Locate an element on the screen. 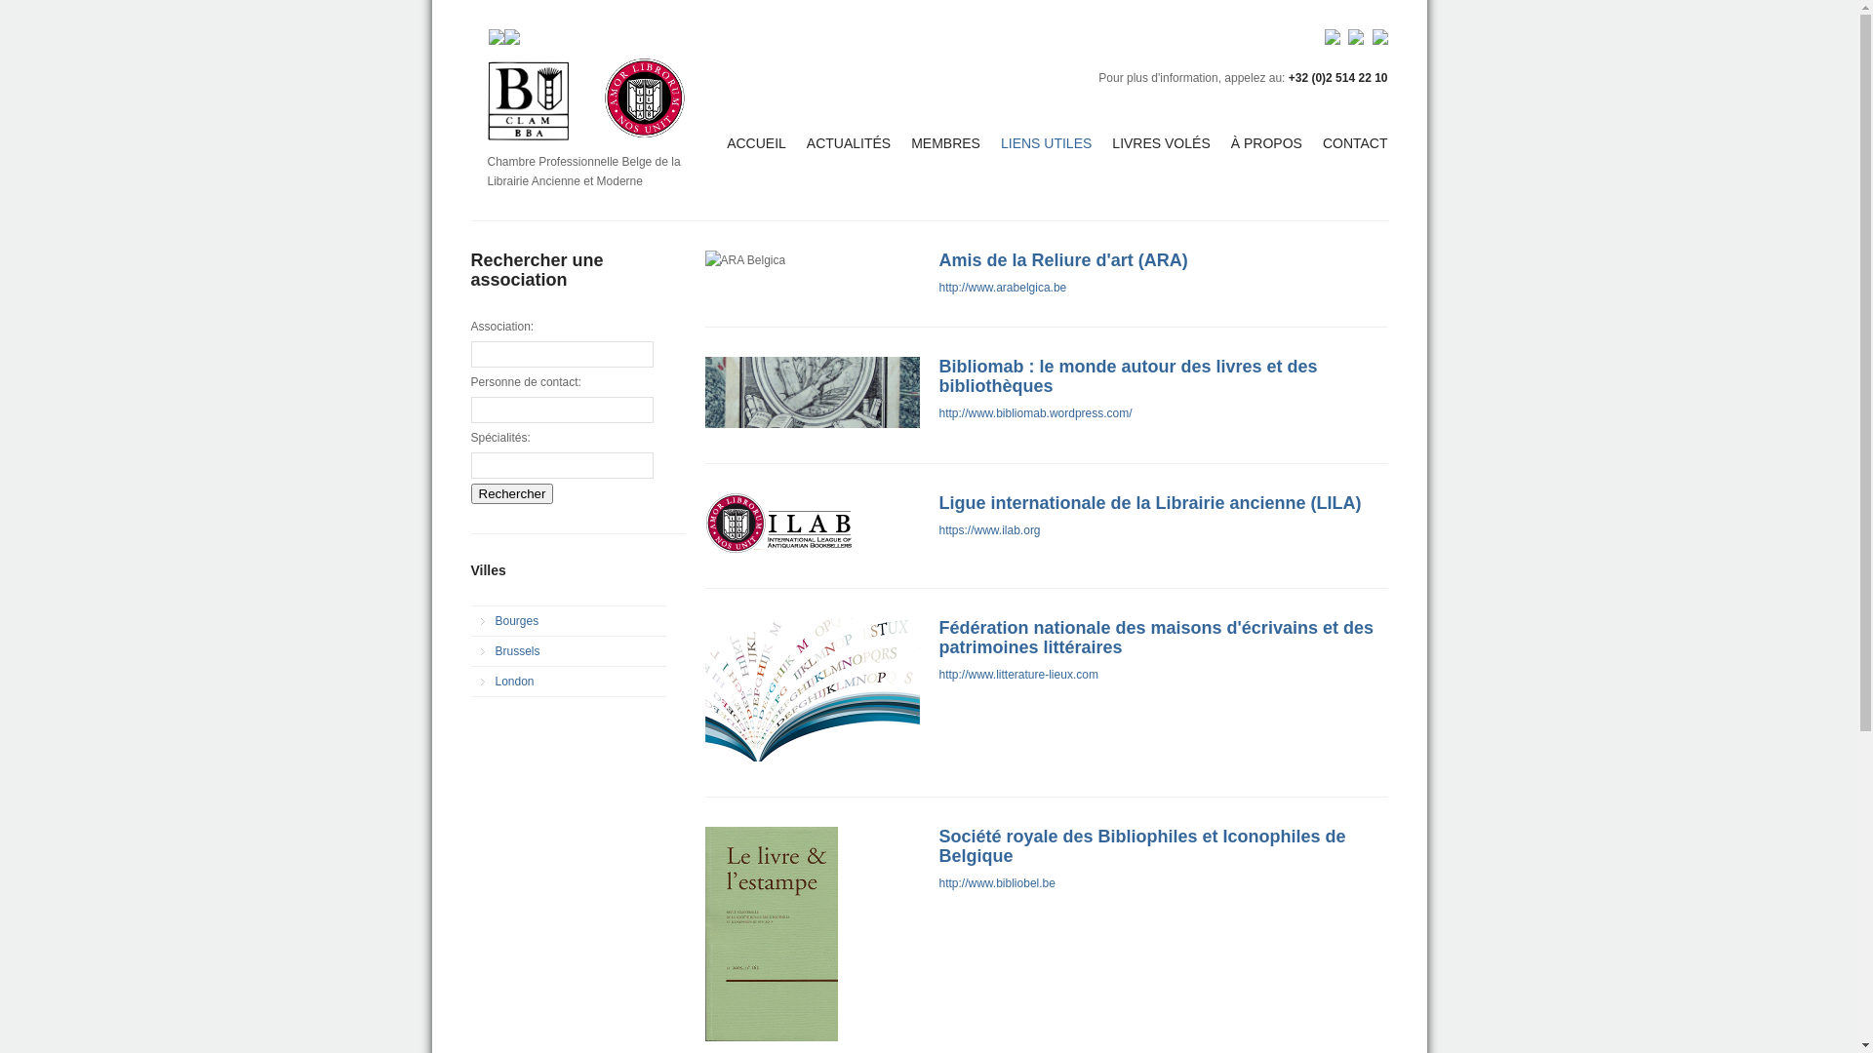 This screenshot has width=1873, height=1053. 'International League of Antiquarian Booksellers (ILAB)' is located at coordinates (777, 522).